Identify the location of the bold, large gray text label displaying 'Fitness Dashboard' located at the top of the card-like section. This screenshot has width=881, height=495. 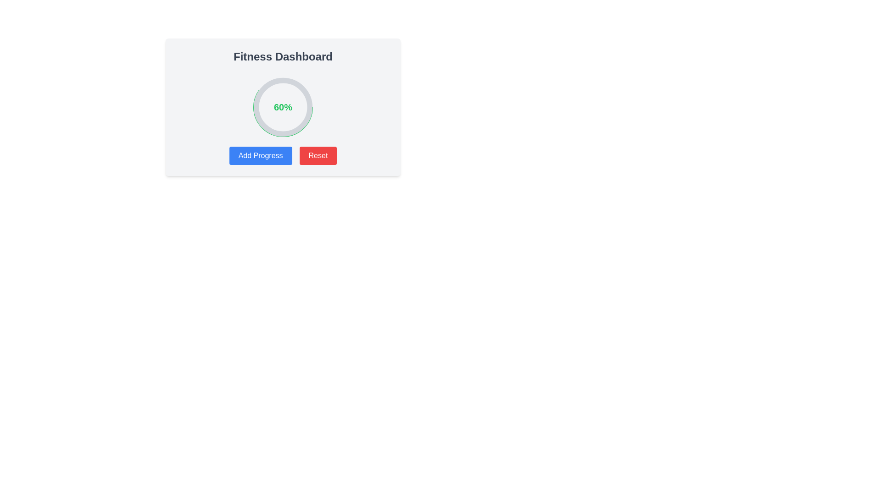
(282, 56).